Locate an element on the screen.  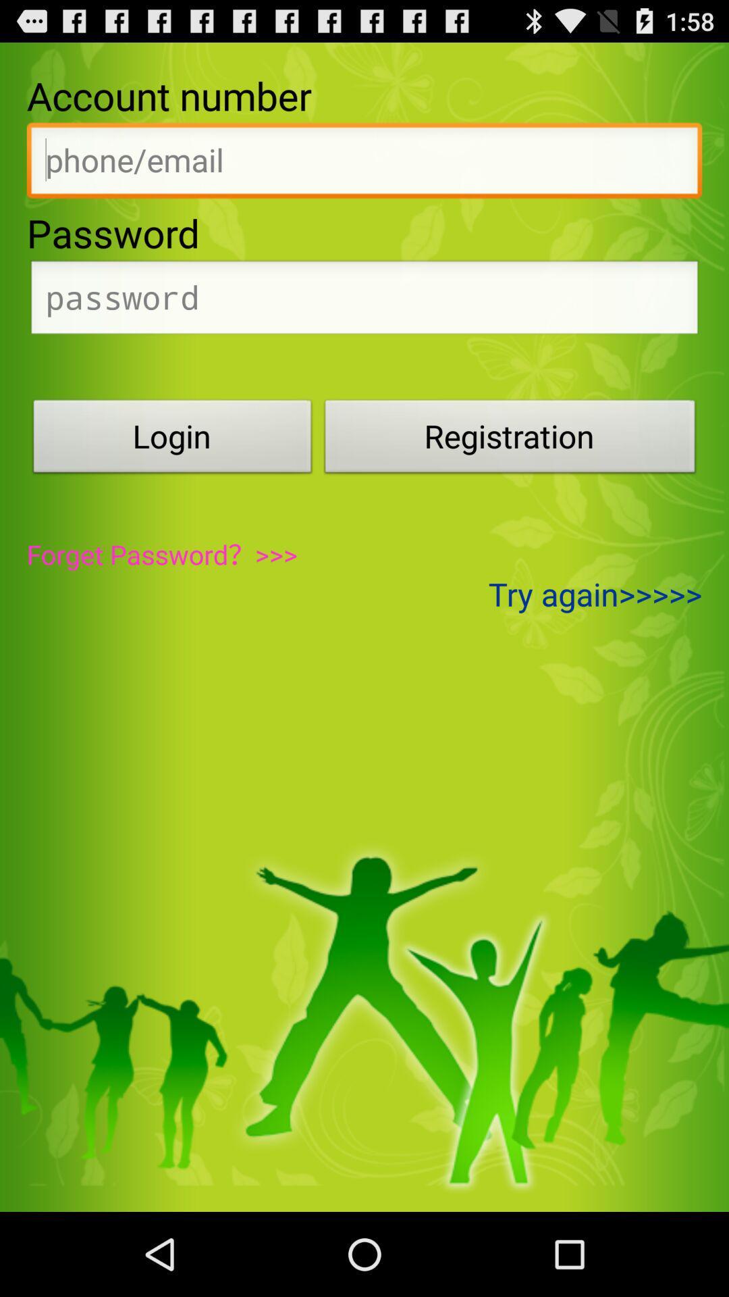
icon next to login is located at coordinates (510, 440).